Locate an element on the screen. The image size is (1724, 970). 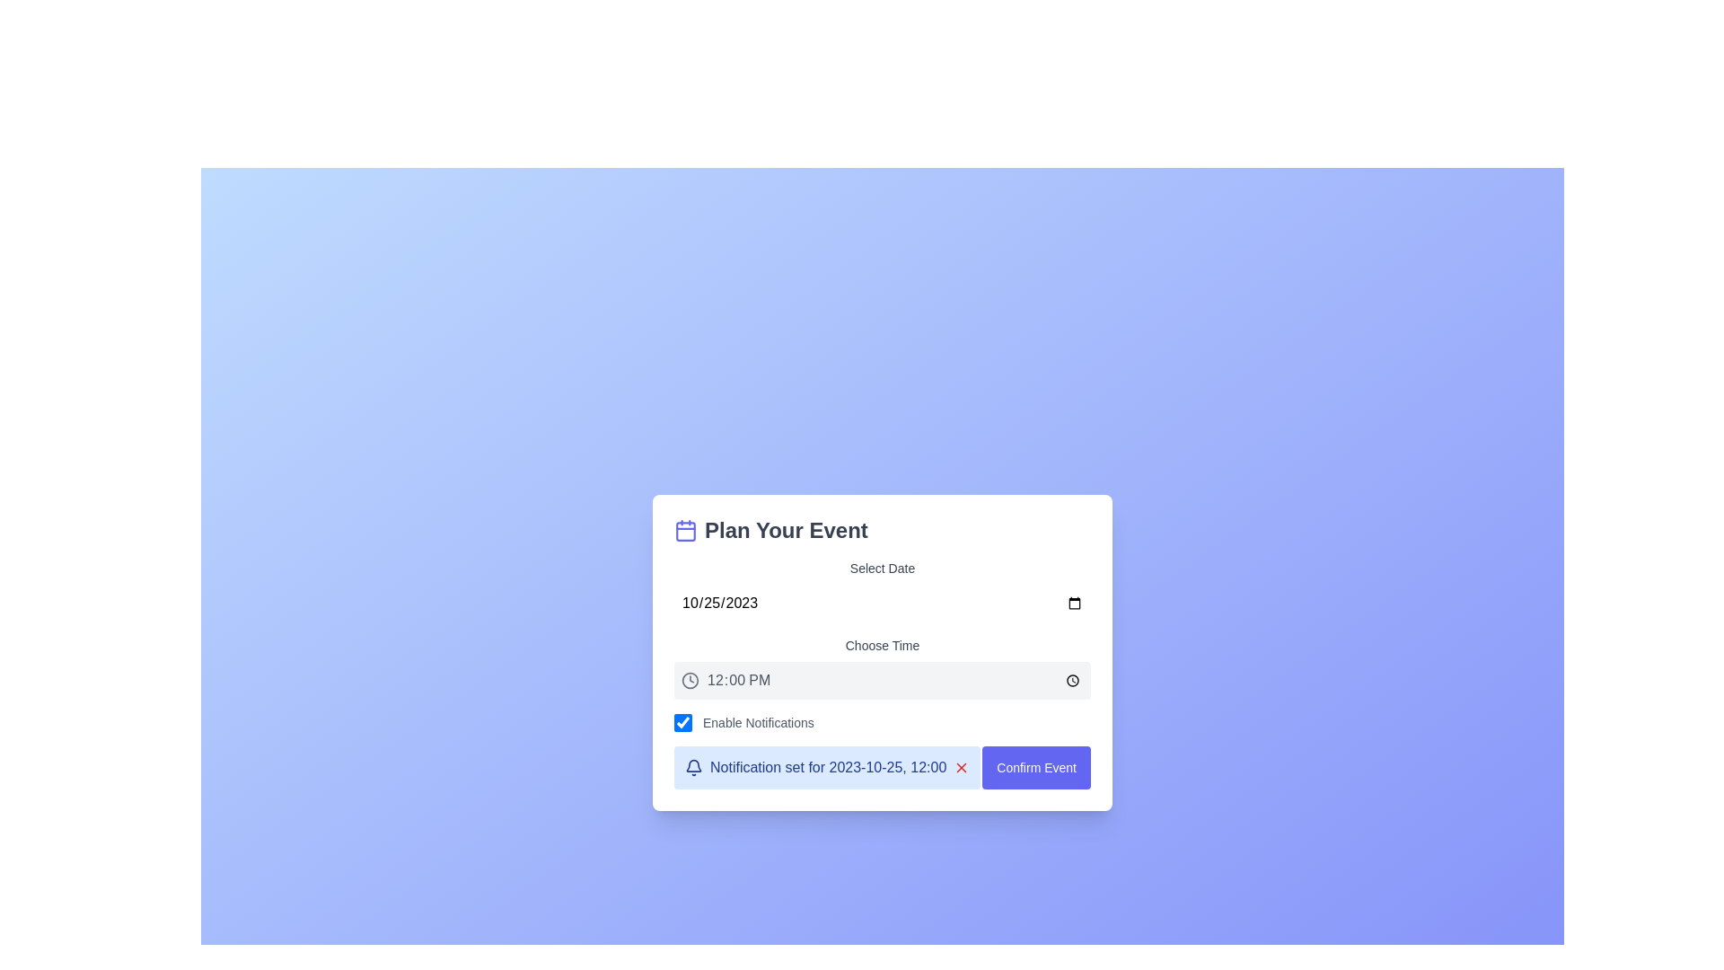
the close icon on the notification bar is located at coordinates (961, 768).